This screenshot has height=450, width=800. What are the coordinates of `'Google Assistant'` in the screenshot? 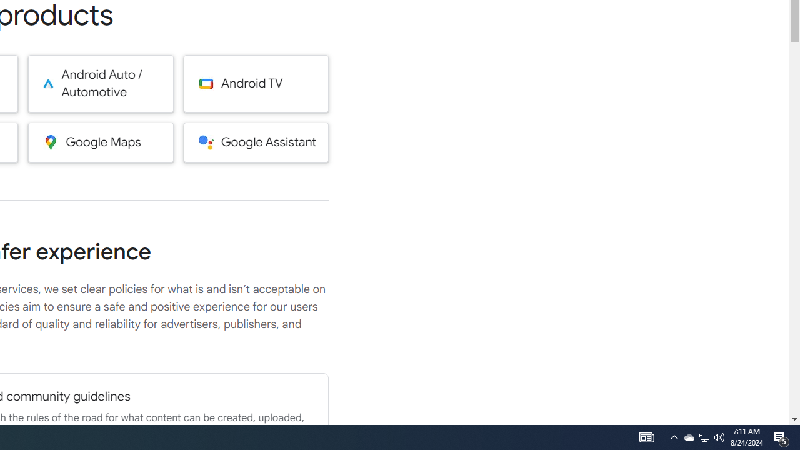 It's located at (256, 141).